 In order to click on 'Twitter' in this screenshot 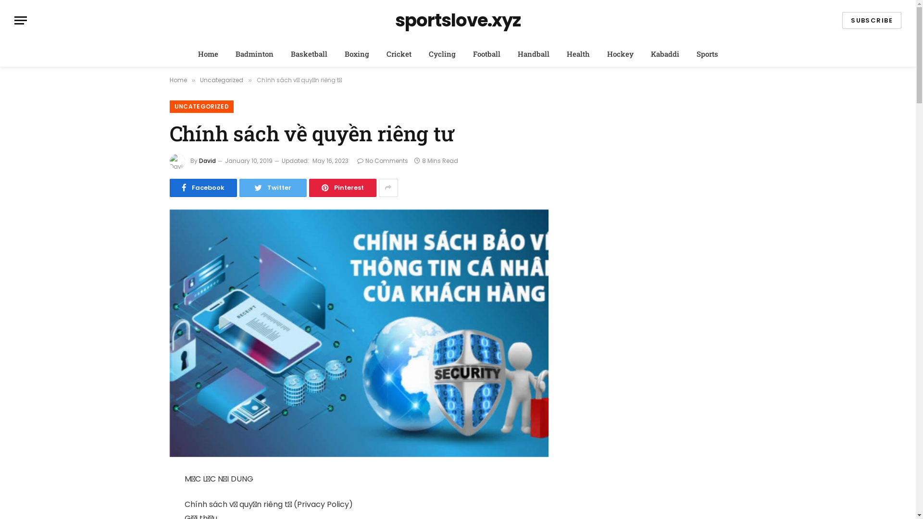, I will do `click(272, 187)`.